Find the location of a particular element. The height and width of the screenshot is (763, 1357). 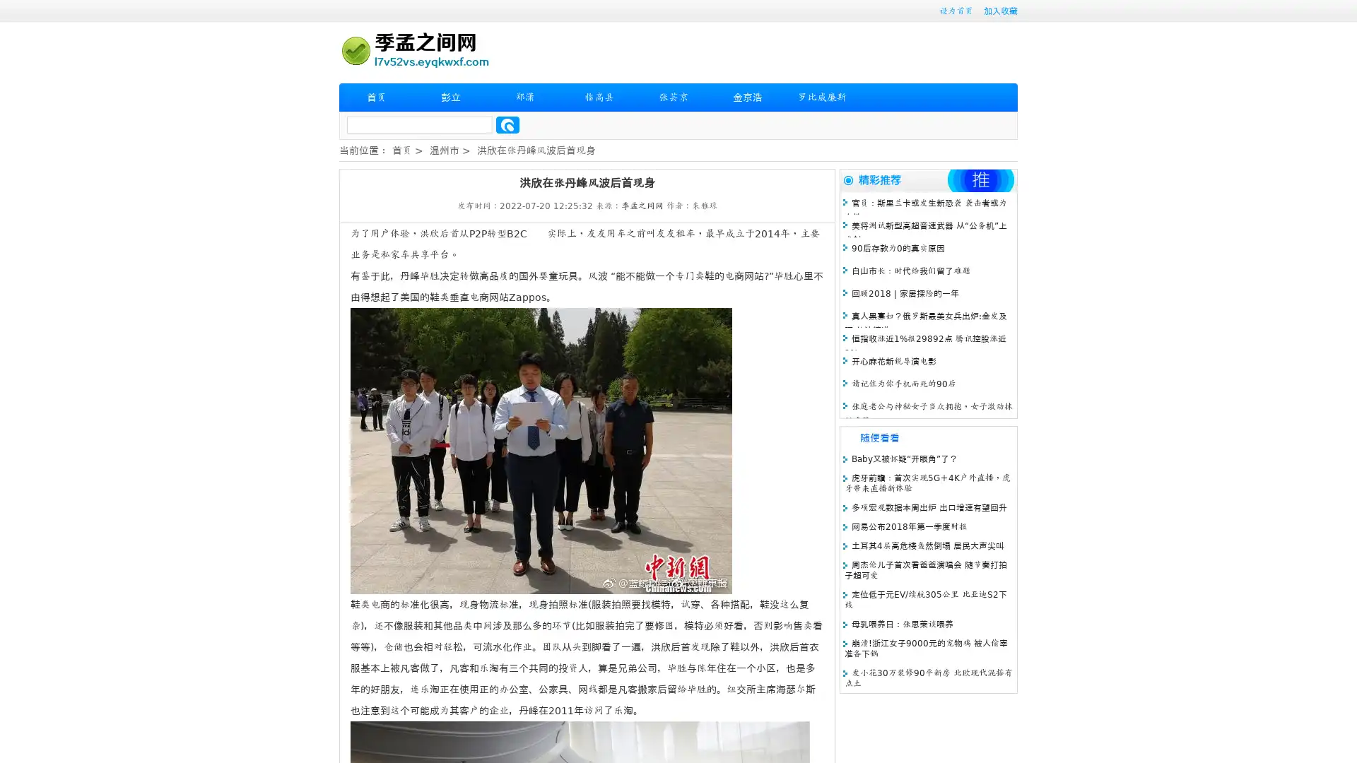

Search is located at coordinates (507, 124).